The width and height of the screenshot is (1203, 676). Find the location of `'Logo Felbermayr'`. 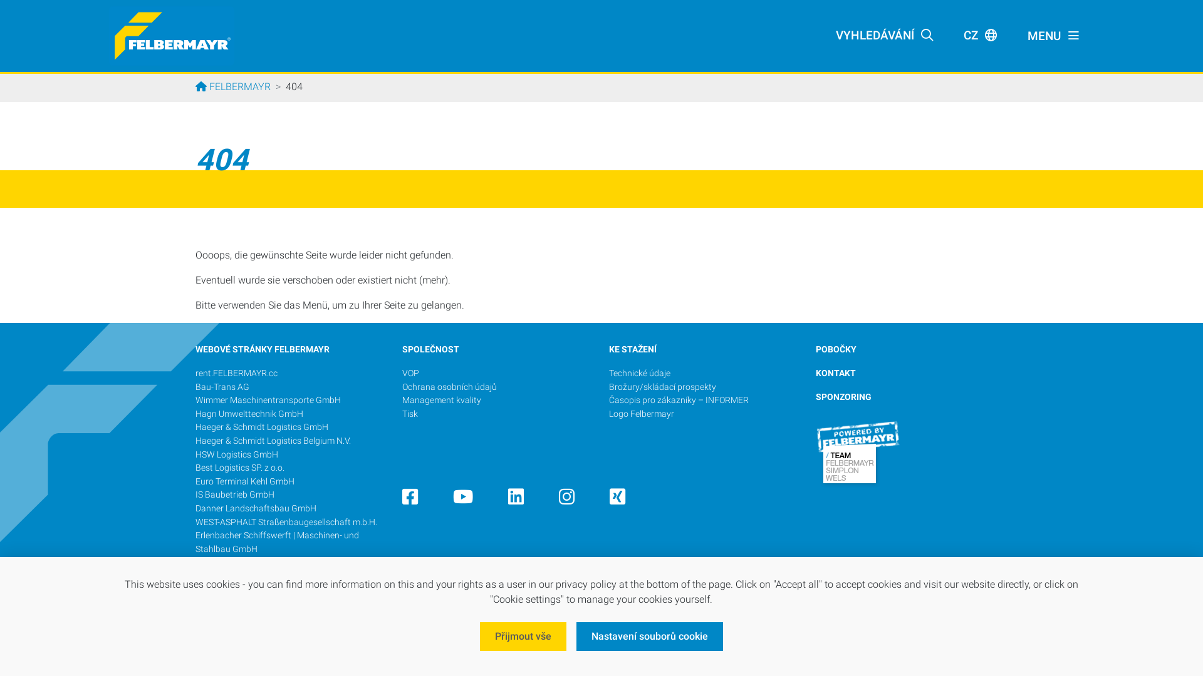

'Logo Felbermayr' is located at coordinates (641, 414).